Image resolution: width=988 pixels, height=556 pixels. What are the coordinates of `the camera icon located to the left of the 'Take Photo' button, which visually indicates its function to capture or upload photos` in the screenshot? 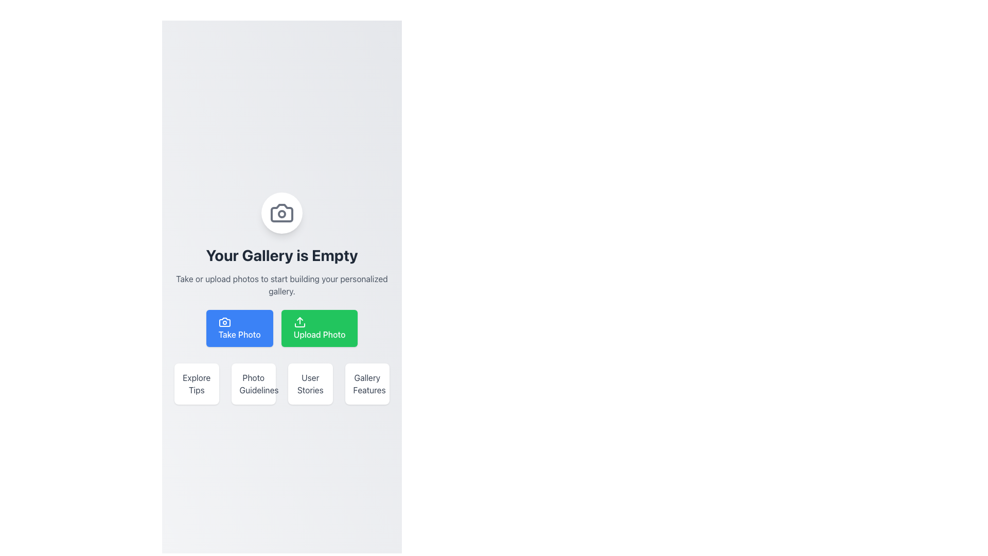 It's located at (224, 321).